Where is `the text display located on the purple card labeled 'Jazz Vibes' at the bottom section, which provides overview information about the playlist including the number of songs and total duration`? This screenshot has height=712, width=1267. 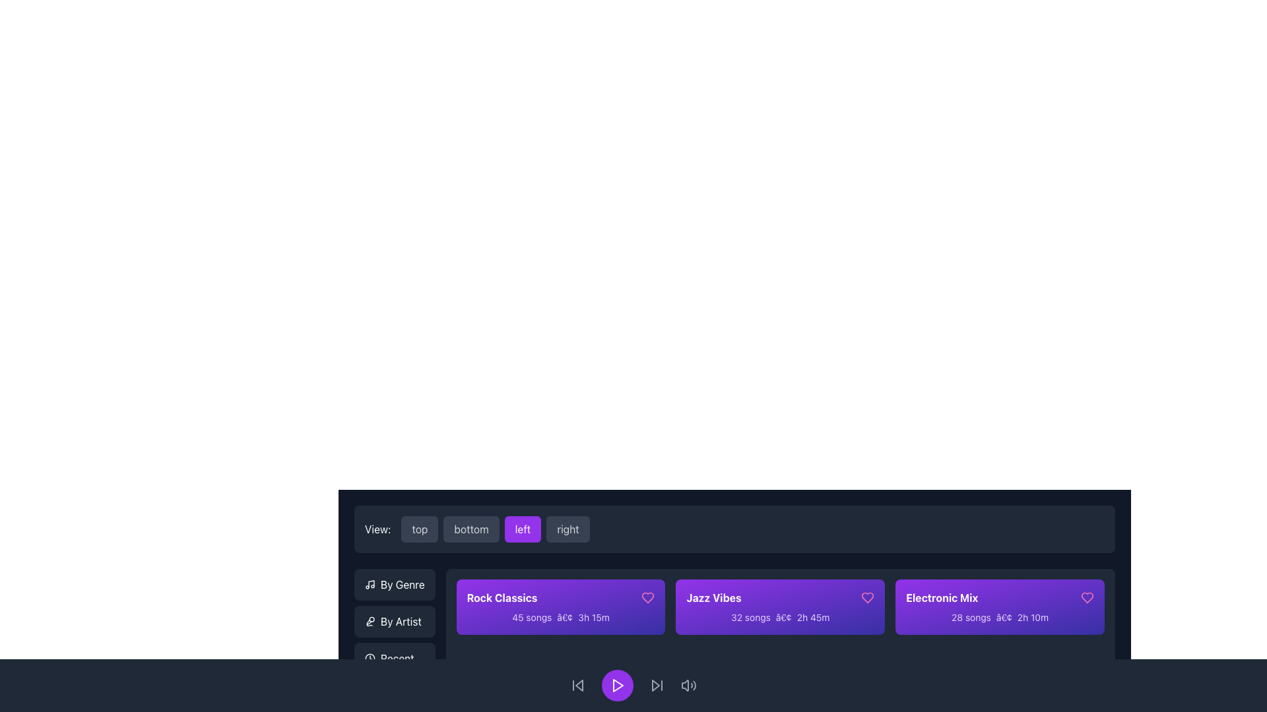 the text display located on the purple card labeled 'Jazz Vibes' at the bottom section, which provides overview information about the playlist including the number of songs and total duration is located at coordinates (780, 618).